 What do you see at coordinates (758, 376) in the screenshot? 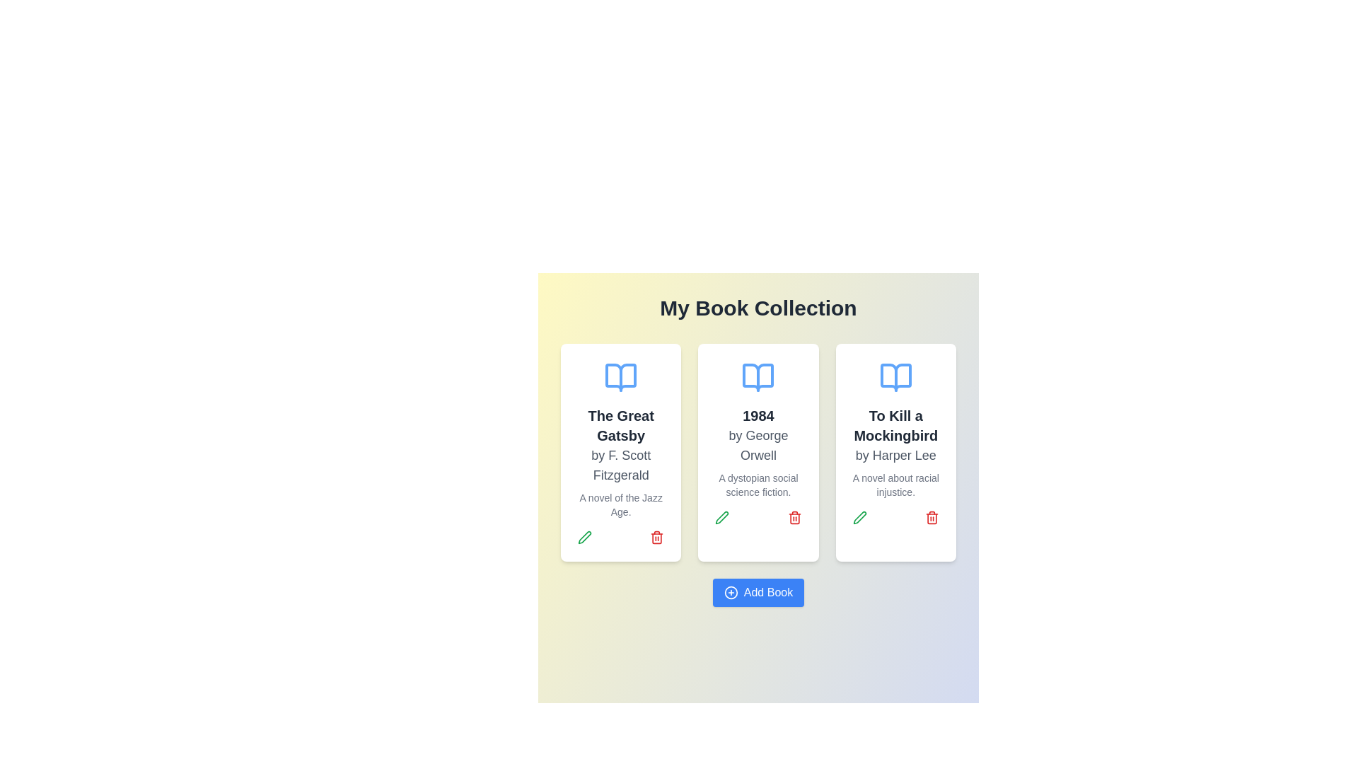
I see `the decorative icon representing the book '1984', which is positioned at the top center of the card above the title text` at bounding box center [758, 376].